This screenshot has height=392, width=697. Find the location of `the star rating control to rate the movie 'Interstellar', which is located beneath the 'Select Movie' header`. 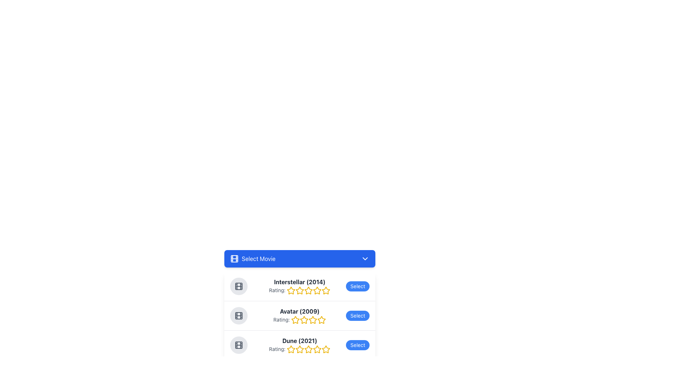

the star rating control to rate the movie 'Interstellar', which is located beneath the 'Select Movie' header is located at coordinates (299, 296).